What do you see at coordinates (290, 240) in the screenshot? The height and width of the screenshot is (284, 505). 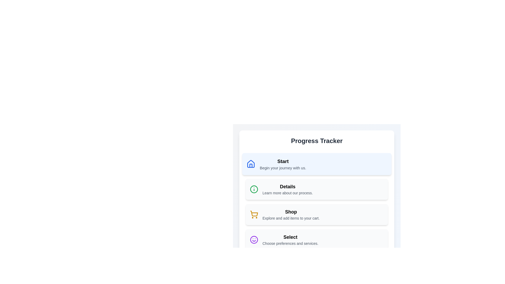 I see `the 'Select' menu option at the bottom of the list, which is visually grouped with a smiley face icon and contains the text 'Choose preferences and services.'` at bounding box center [290, 240].